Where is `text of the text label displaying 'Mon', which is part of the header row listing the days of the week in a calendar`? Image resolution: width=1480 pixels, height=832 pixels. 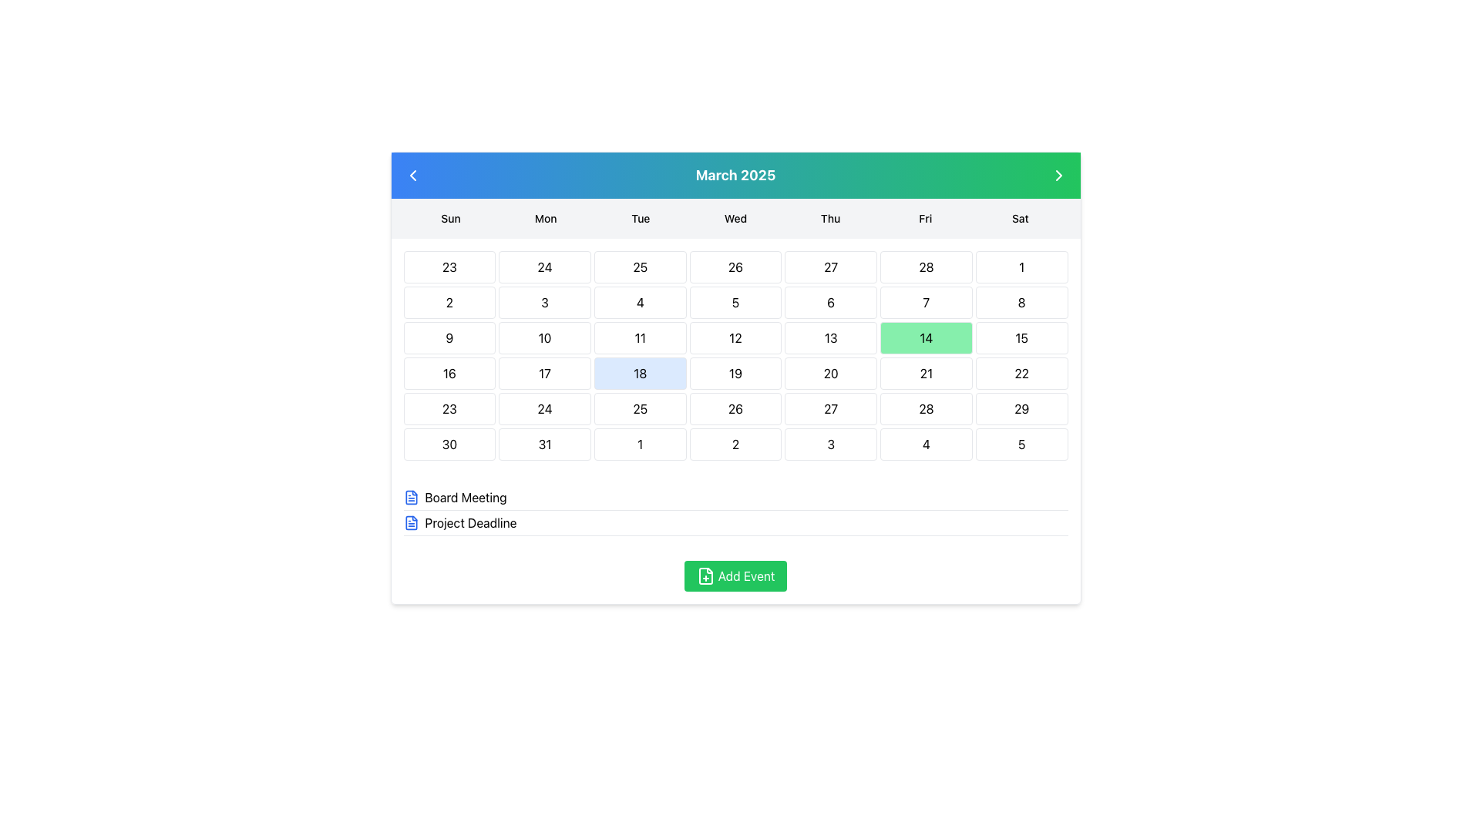
text of the text label displaying 'Mon', which is part of the header row listing the days of the week in a calendar is located at coordinates (546, 219).